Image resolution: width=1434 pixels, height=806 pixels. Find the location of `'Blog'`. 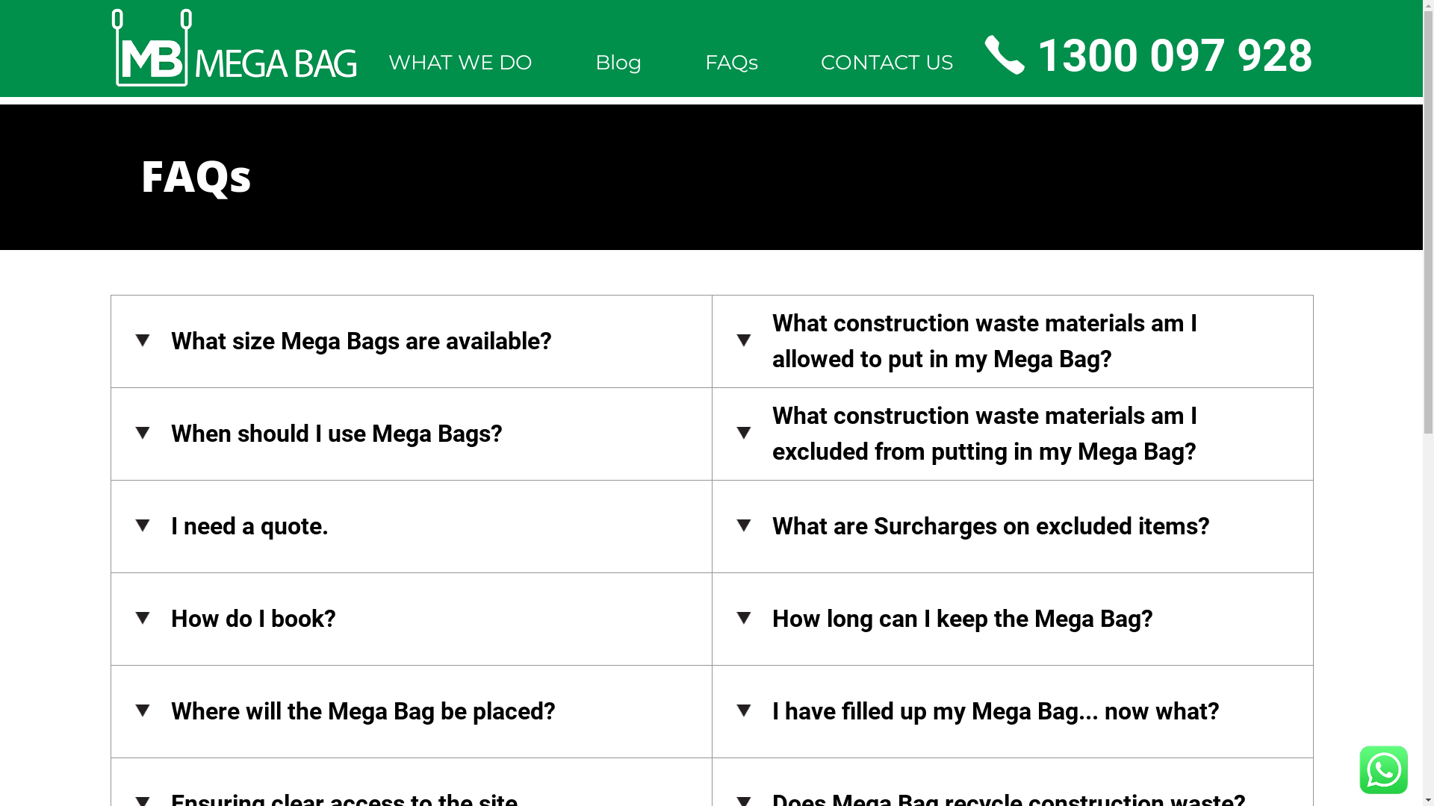

'Blog' is located at coordinates (618, 60).